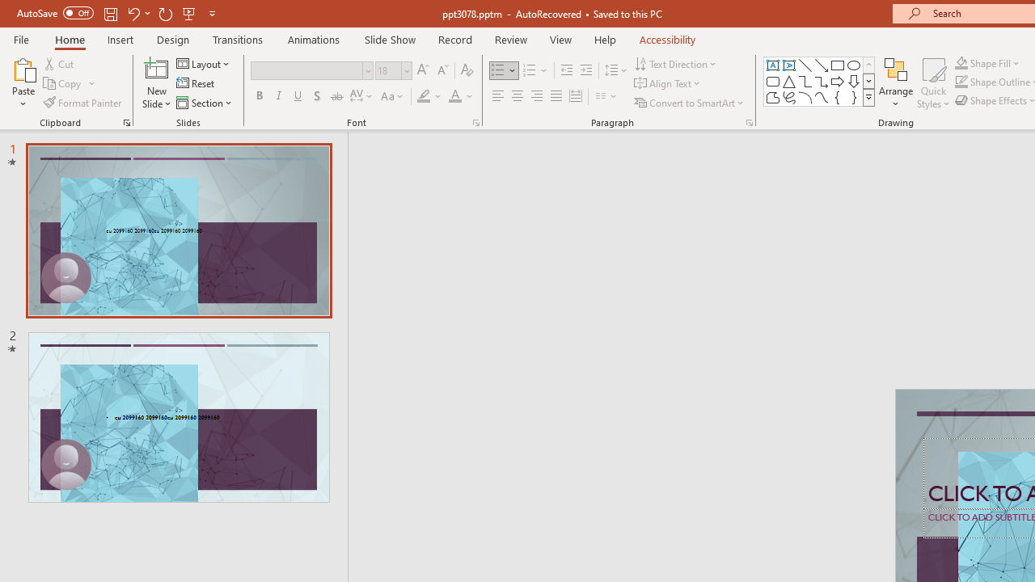 This screenshot has width=1035, height=582. Describe the element at coordinates (556, 96) in the screenshot. I see `'Justify'` at that location.